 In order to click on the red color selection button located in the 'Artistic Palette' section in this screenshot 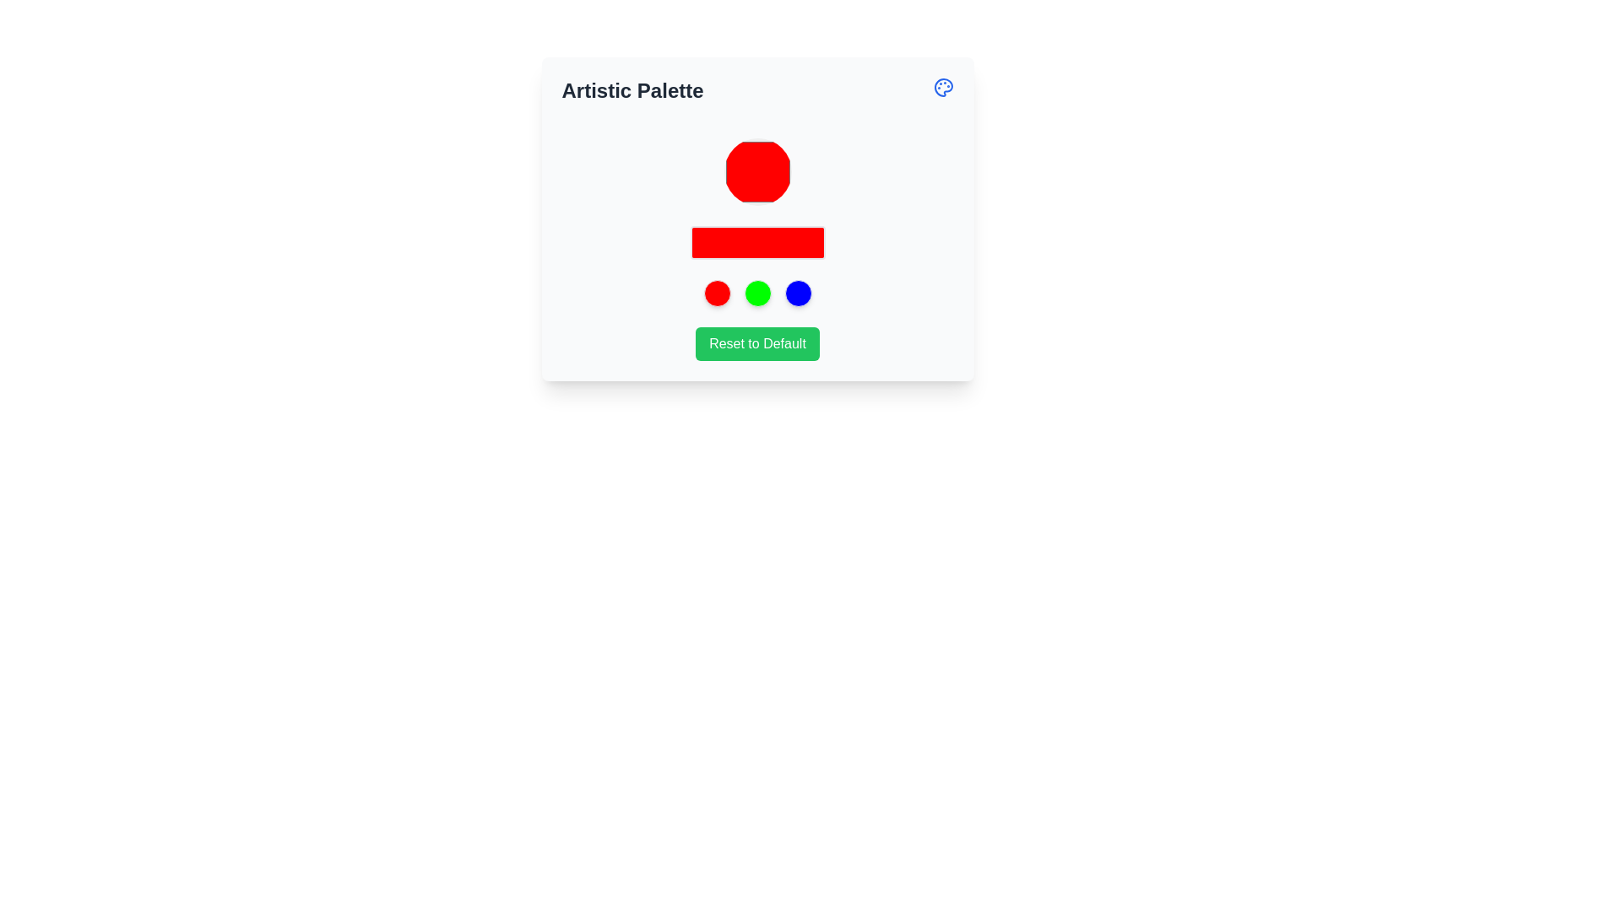, I will do `click(756, 172)`.